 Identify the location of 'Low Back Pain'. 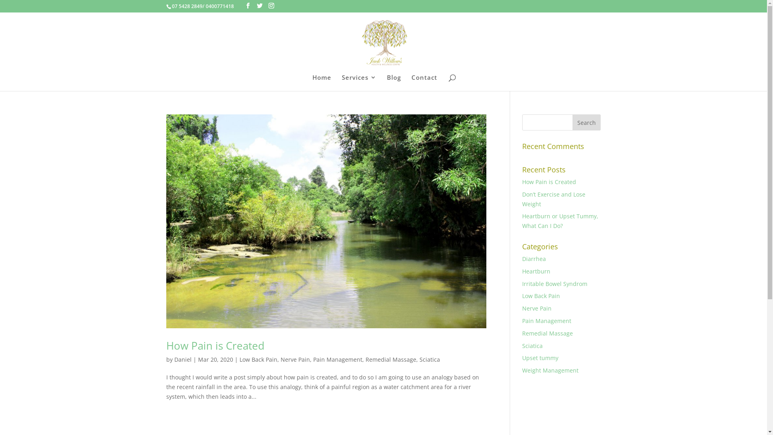
(258, 359).